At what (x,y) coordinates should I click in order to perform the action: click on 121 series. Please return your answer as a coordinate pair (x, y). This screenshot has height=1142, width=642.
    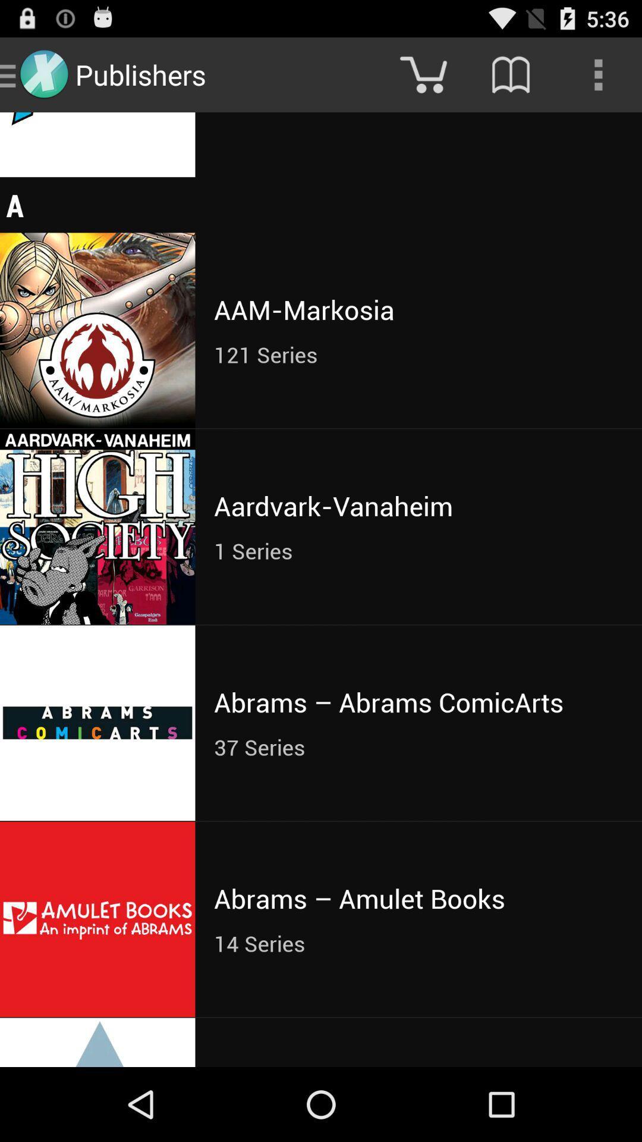
    Looking at the image, I should click on (418, 354).